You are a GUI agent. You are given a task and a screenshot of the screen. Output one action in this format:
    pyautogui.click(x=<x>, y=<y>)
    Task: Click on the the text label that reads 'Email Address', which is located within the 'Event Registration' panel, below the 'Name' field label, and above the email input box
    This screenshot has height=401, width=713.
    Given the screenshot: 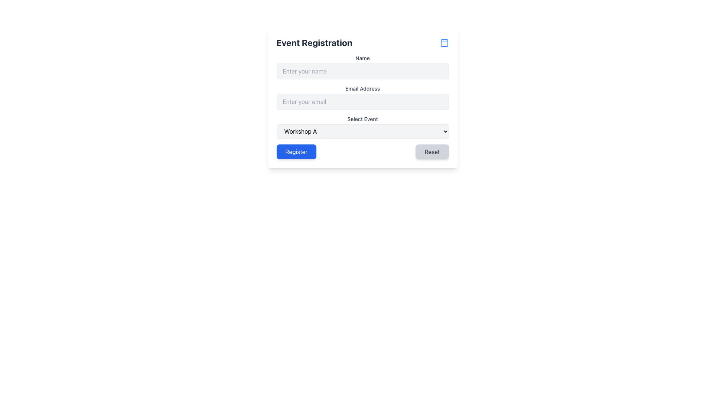 What is the action you would take?
    pyautogui.click(x=362, y=88)
    